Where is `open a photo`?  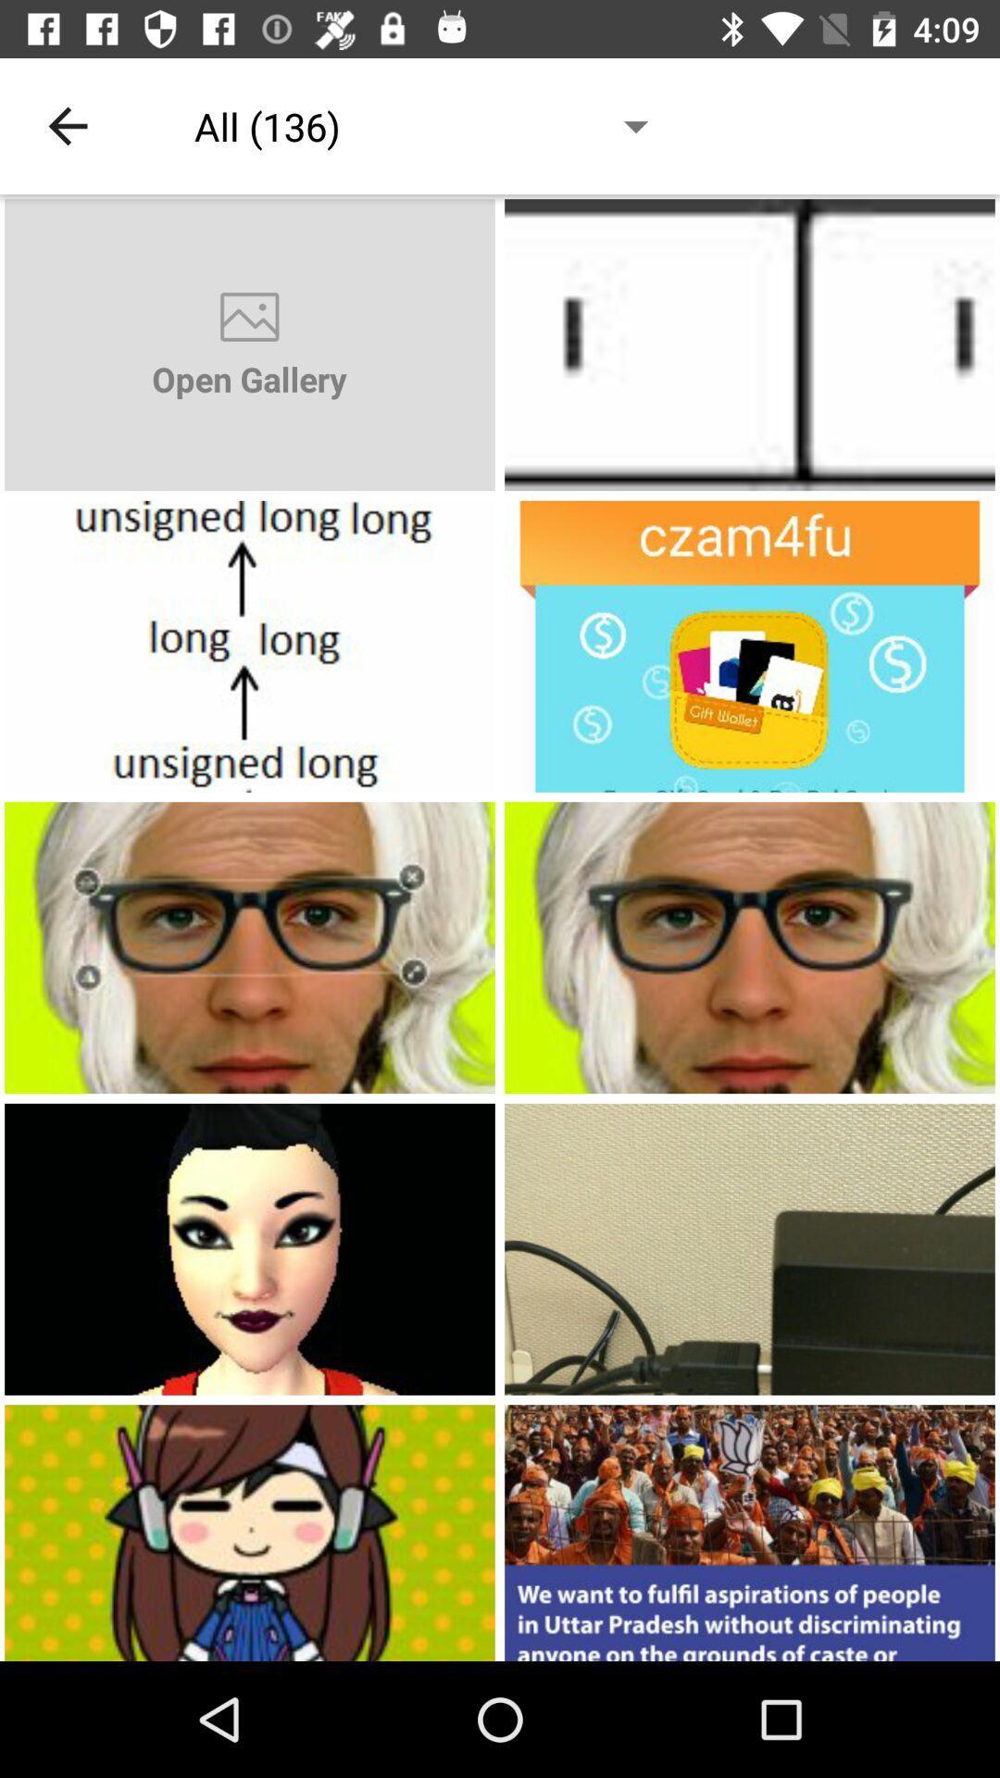 open a photo is located at coordinates (250, 646).